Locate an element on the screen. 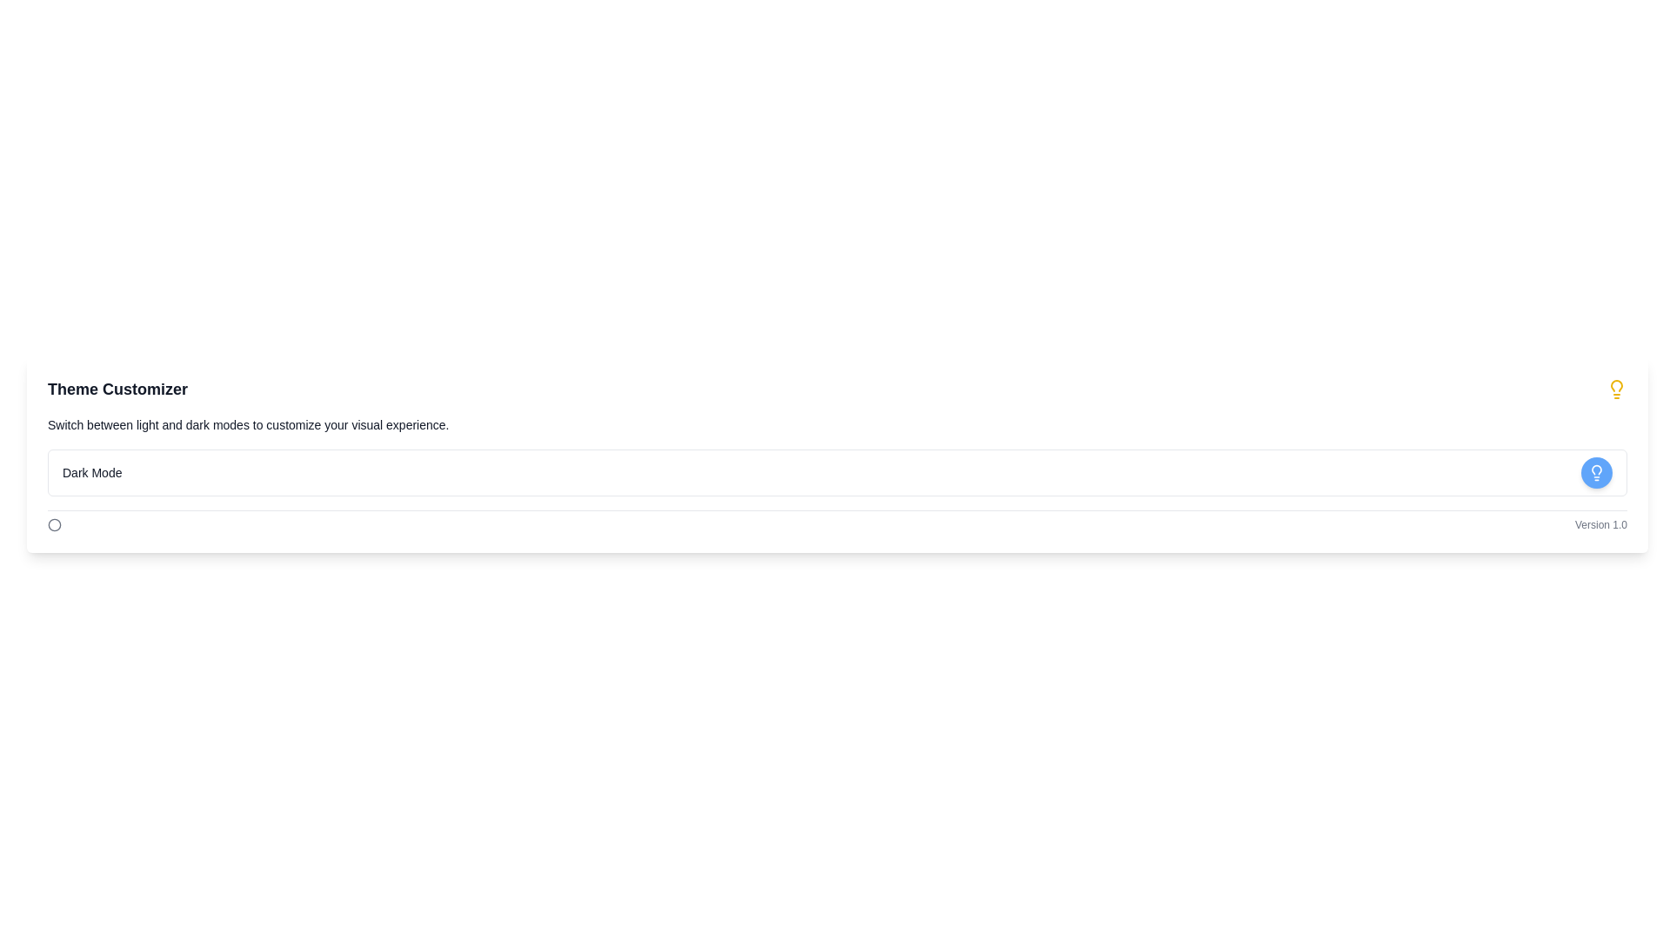 This screenshot has height=939, width=1670. the button with a light bulb icon is located at coordinates (1597, 472).